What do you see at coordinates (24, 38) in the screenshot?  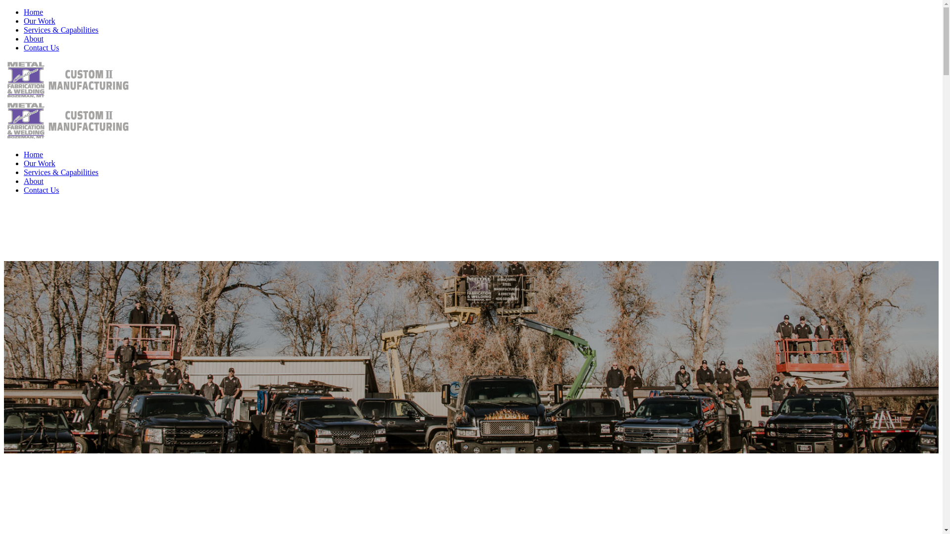 I see `'About'` at bounding box center [24, 38].